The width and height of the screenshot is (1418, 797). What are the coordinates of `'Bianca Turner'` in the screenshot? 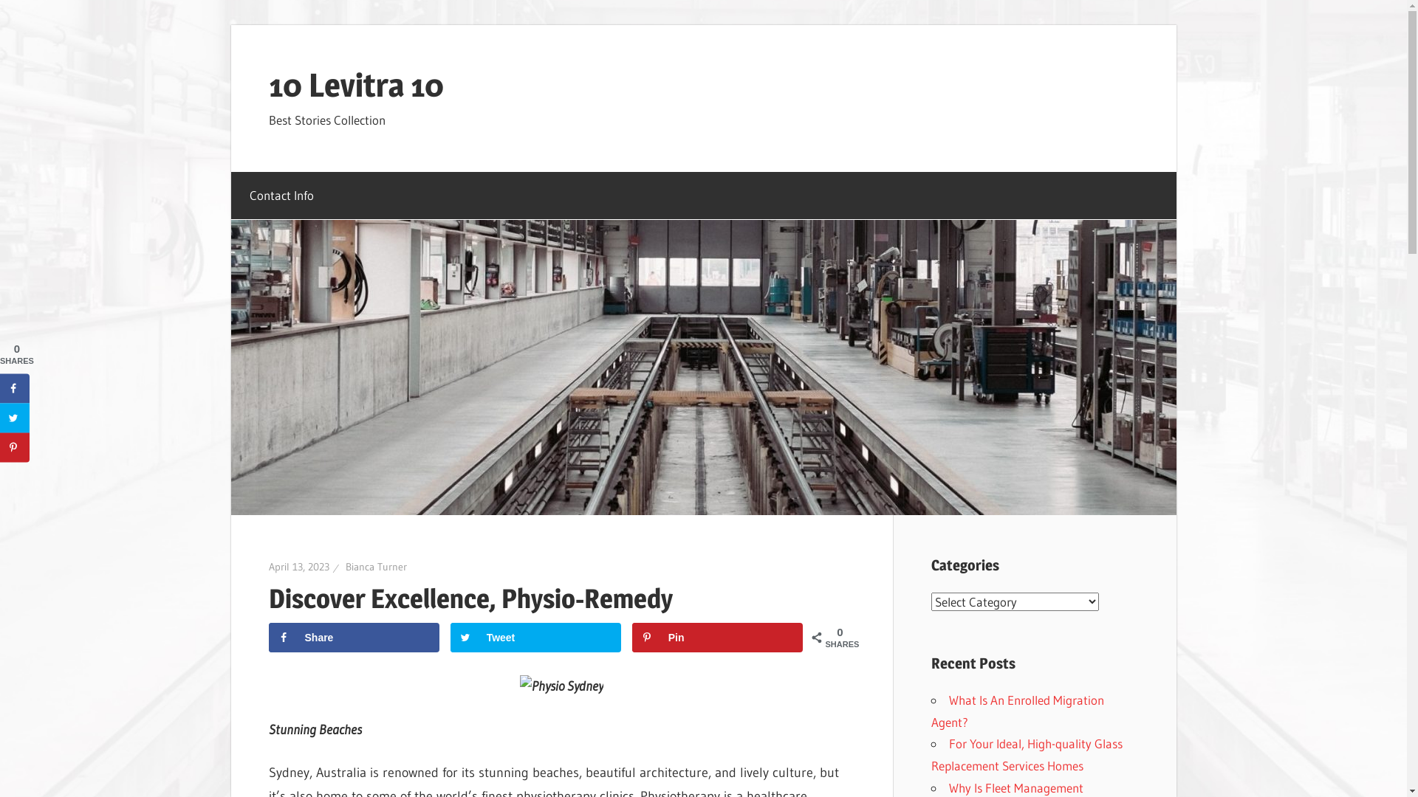 It's located at (376, 565).